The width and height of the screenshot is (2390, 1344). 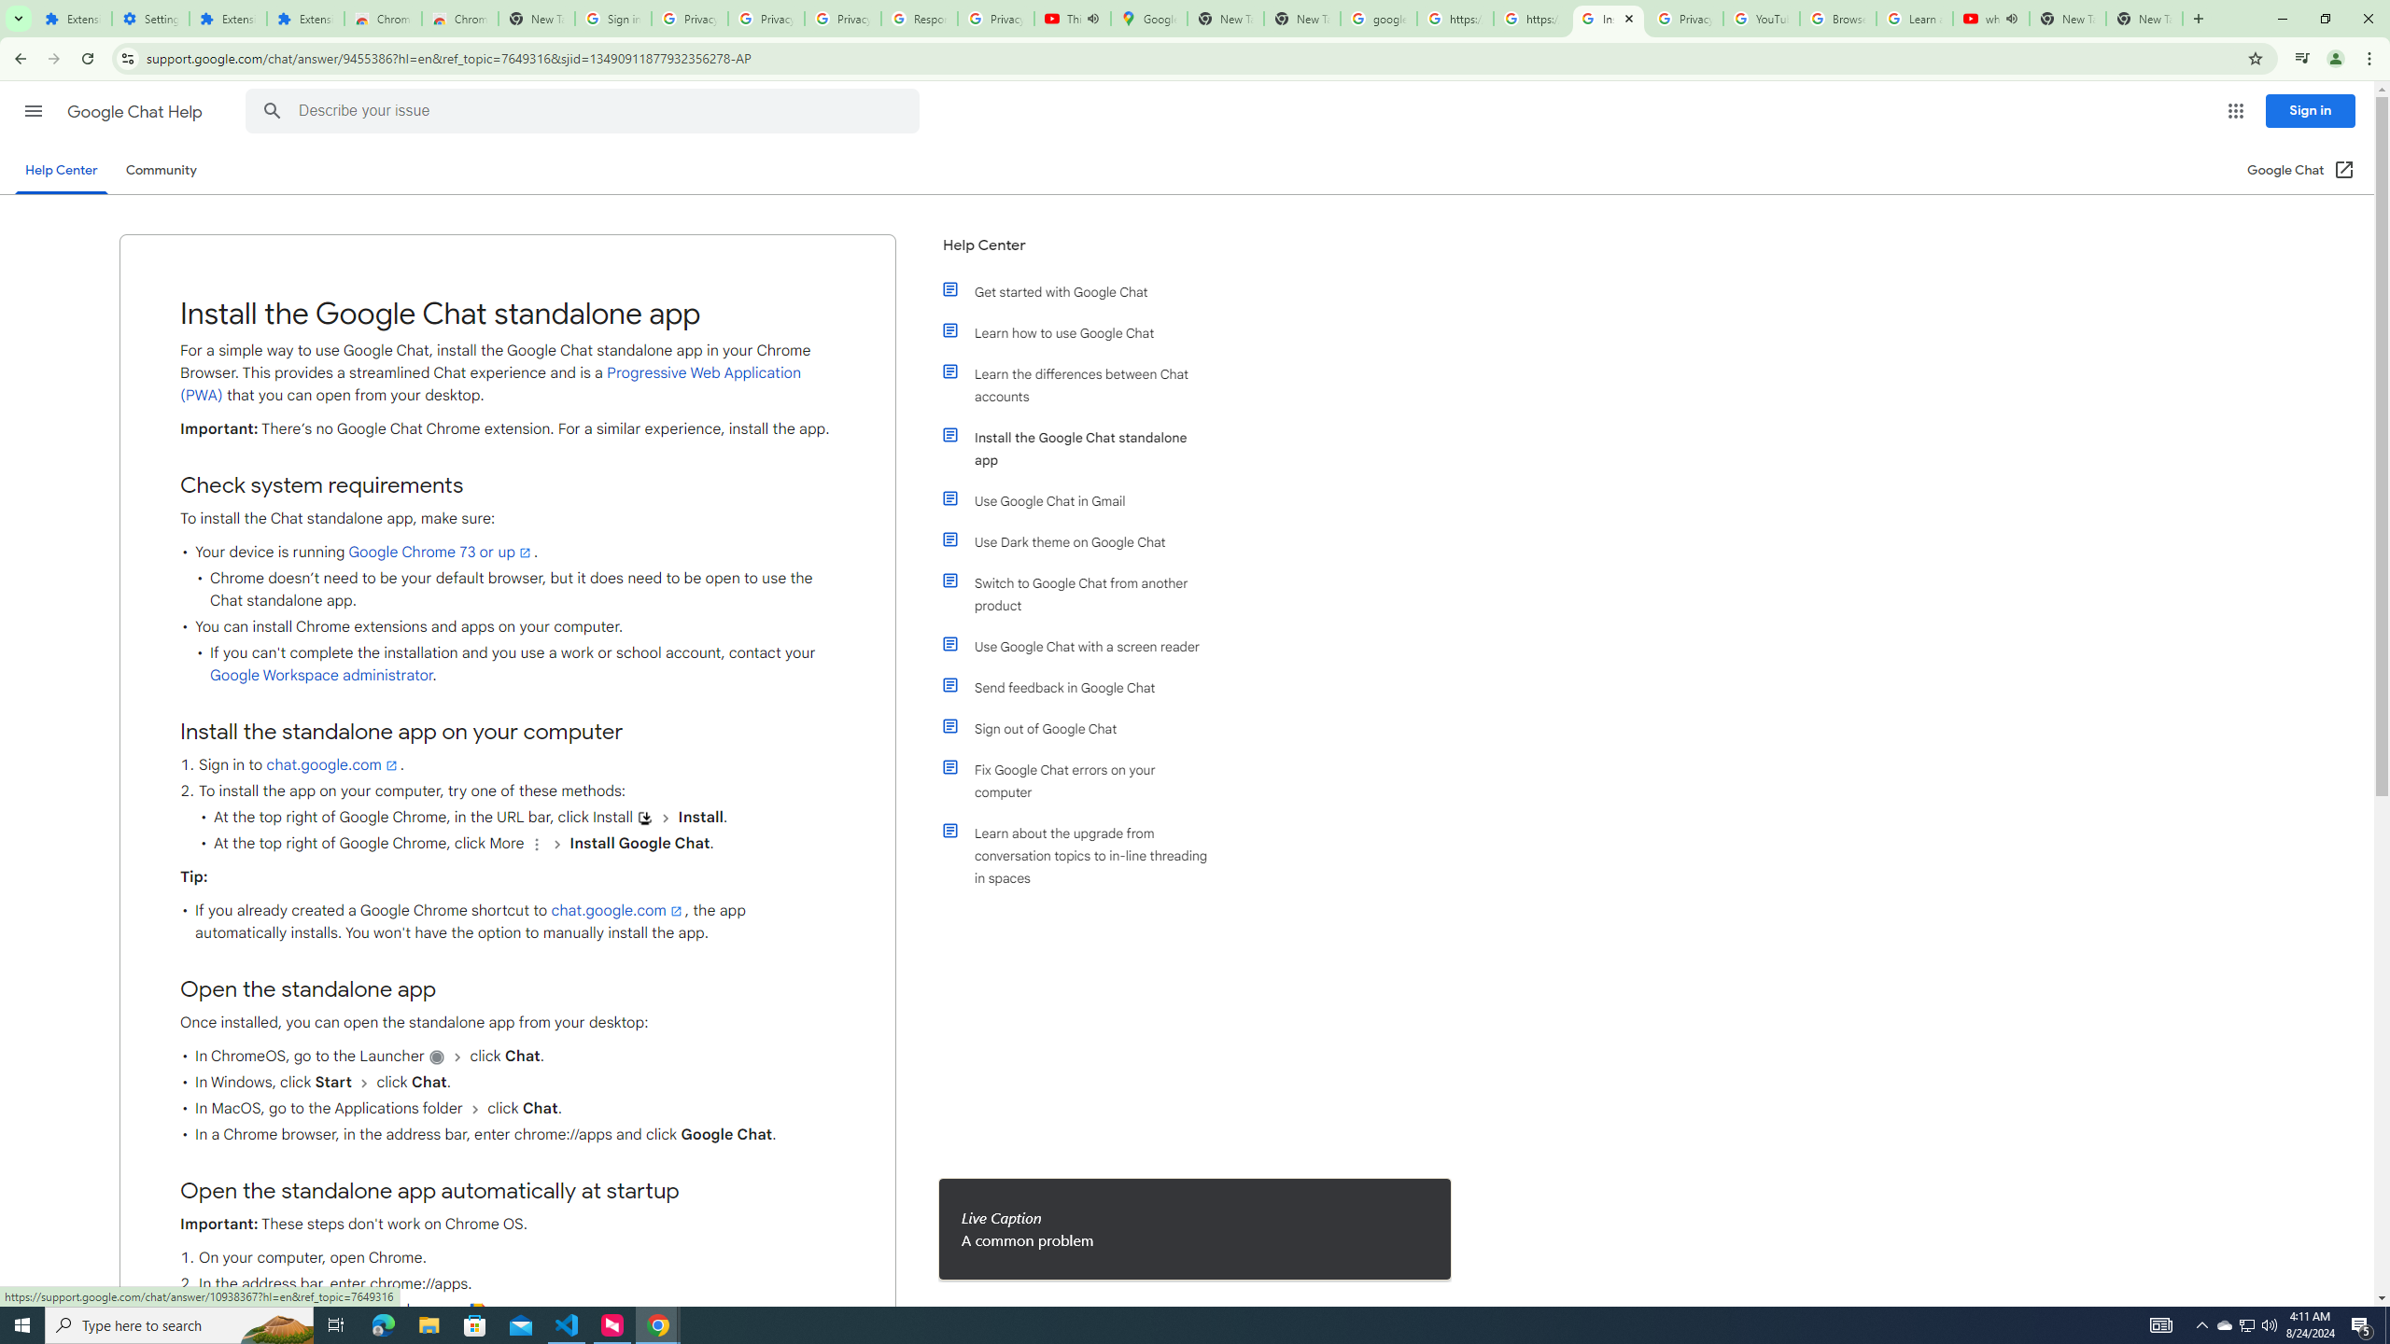 What do you see at coordinates (1085, 332) in the screenshot?
I see `'Learn how to use Google Chat'` at bounding box center [1085, 332].